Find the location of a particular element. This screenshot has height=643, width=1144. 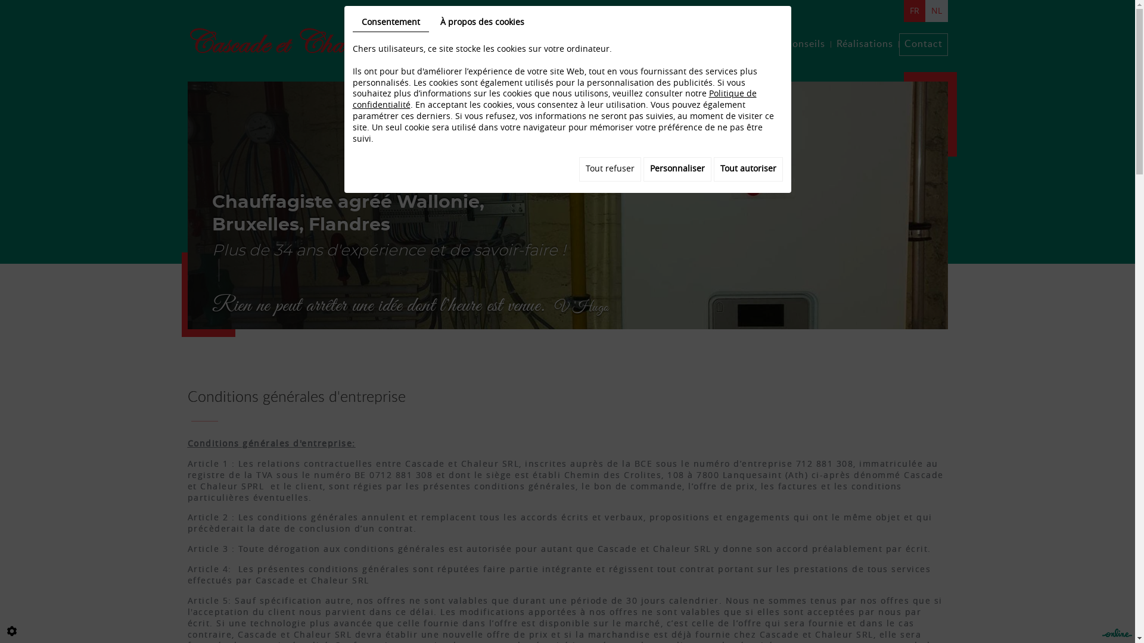

'Consentement' is located at coordinates (391, 23).